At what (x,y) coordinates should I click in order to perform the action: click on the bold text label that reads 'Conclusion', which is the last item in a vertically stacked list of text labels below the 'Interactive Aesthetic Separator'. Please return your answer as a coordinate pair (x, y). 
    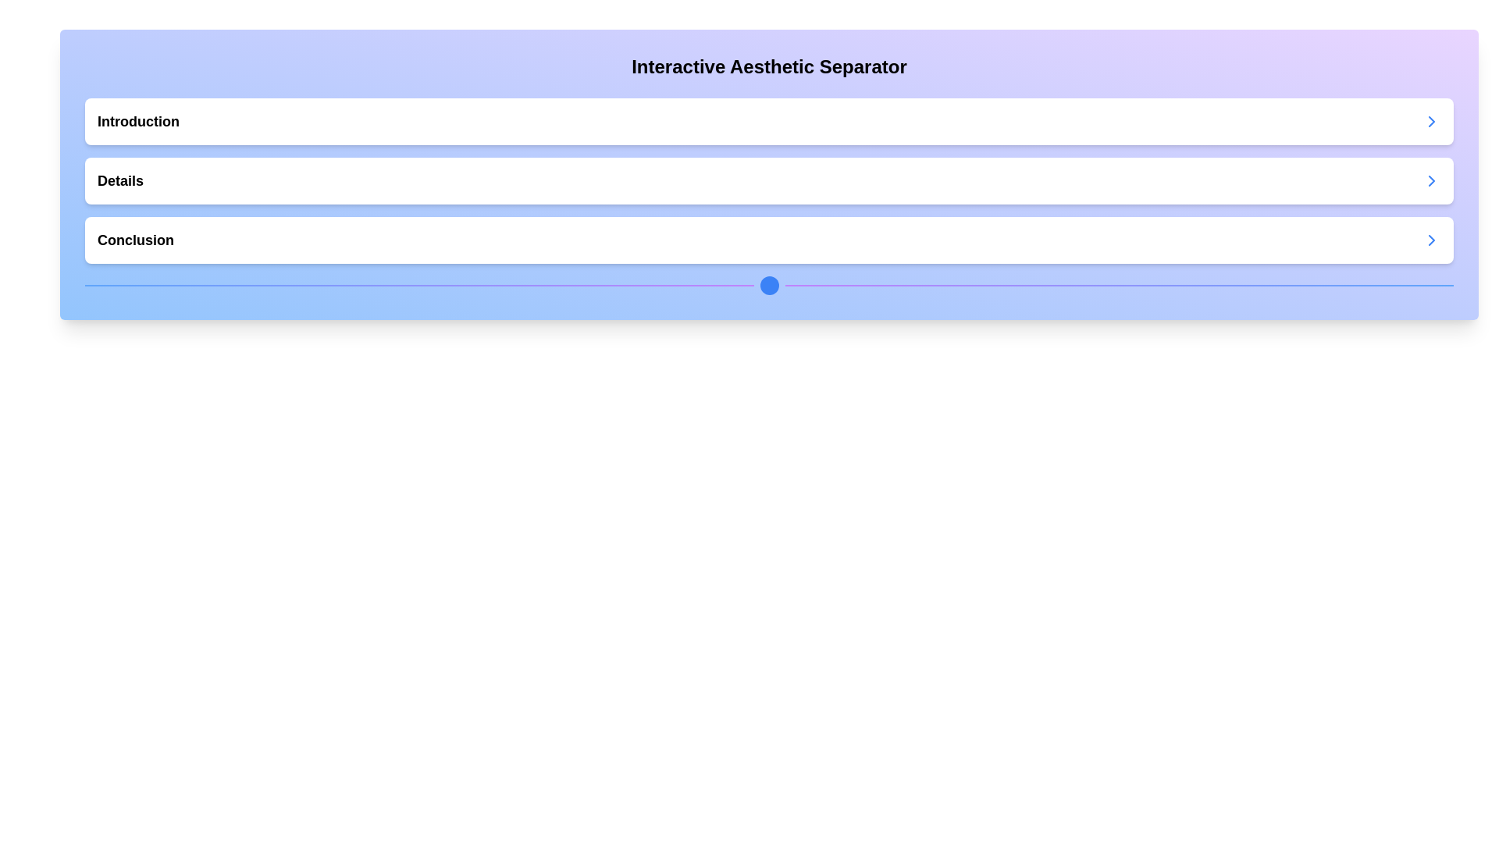
    Looking at the image, I should click on (135, 240).